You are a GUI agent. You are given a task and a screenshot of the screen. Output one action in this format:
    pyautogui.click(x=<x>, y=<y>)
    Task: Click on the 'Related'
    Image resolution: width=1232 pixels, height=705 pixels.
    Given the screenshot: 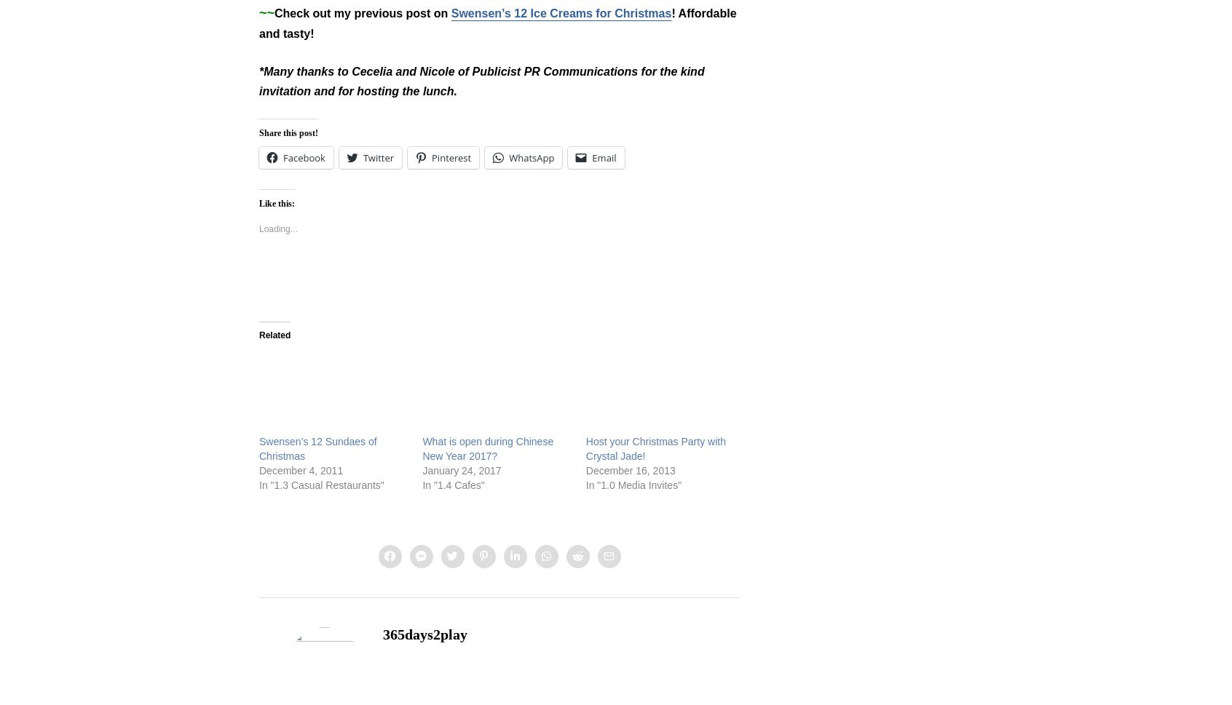 What is the action you would take?
    pyautogui.click(x=275, y=334)
    